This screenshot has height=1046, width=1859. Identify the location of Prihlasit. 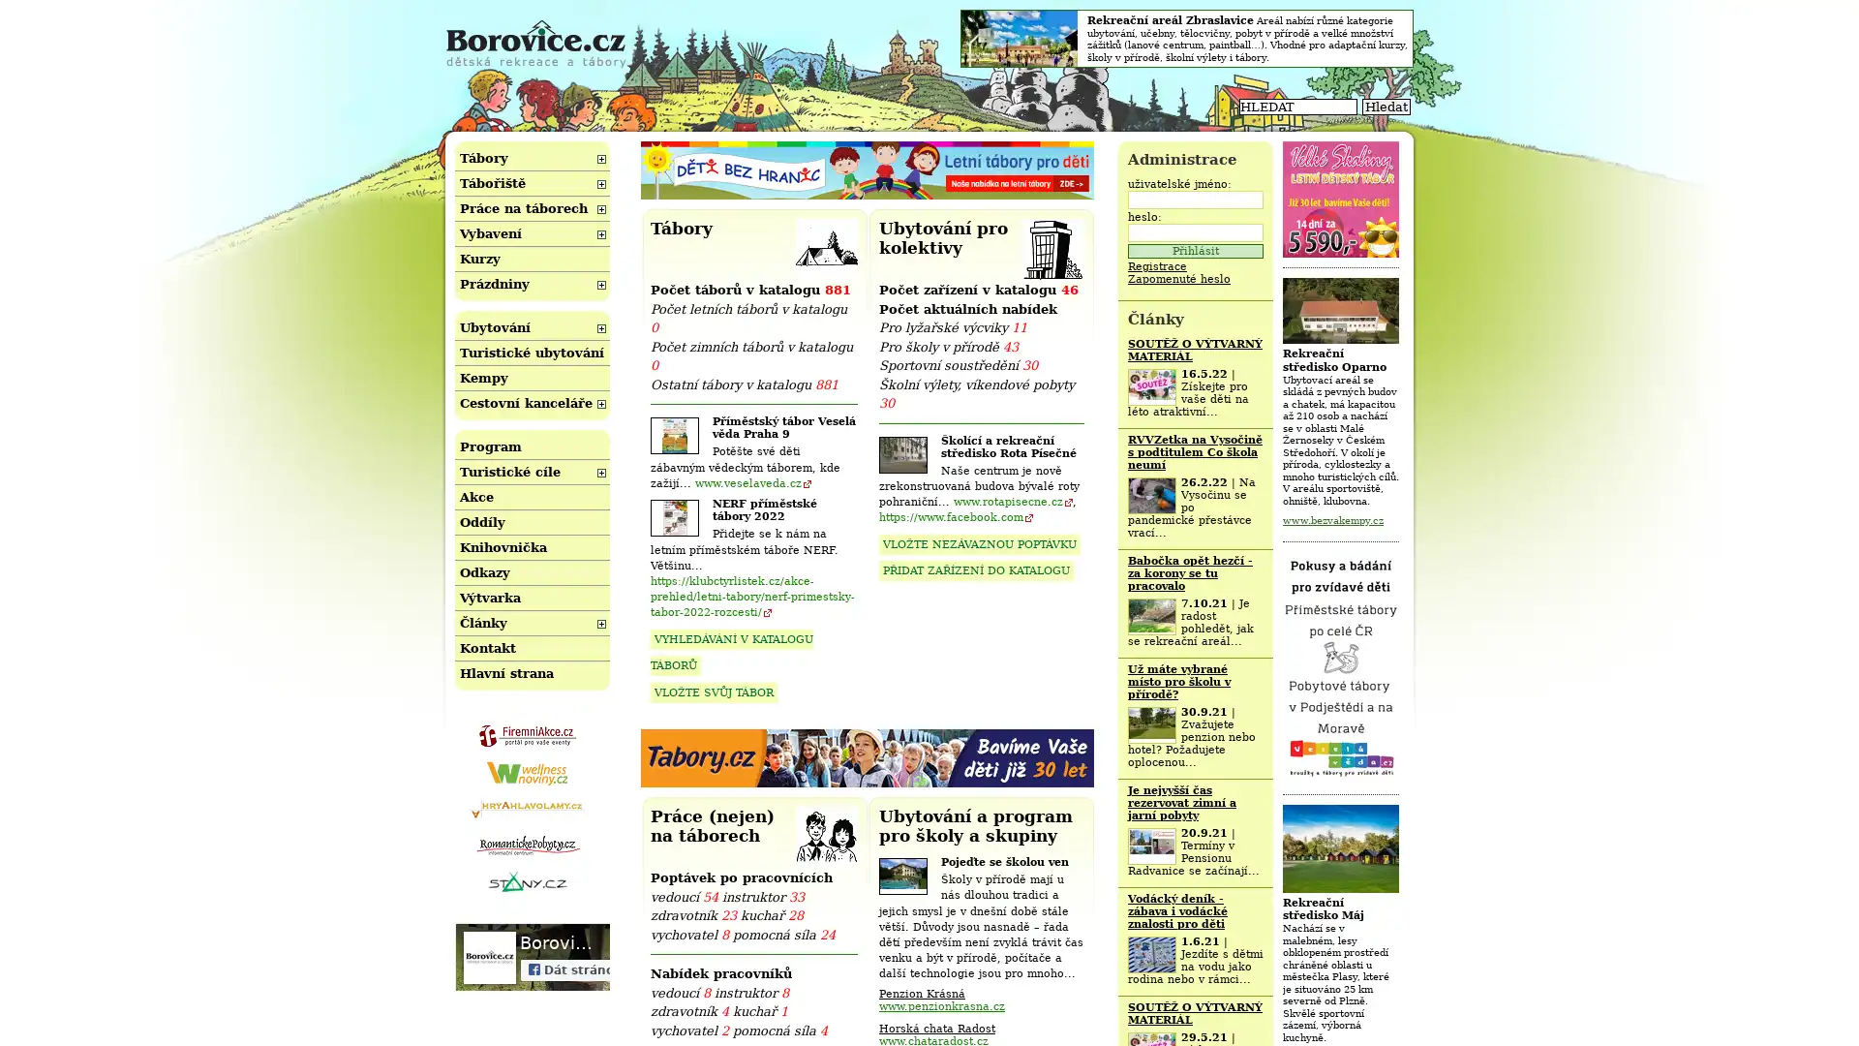
(1194, 250).